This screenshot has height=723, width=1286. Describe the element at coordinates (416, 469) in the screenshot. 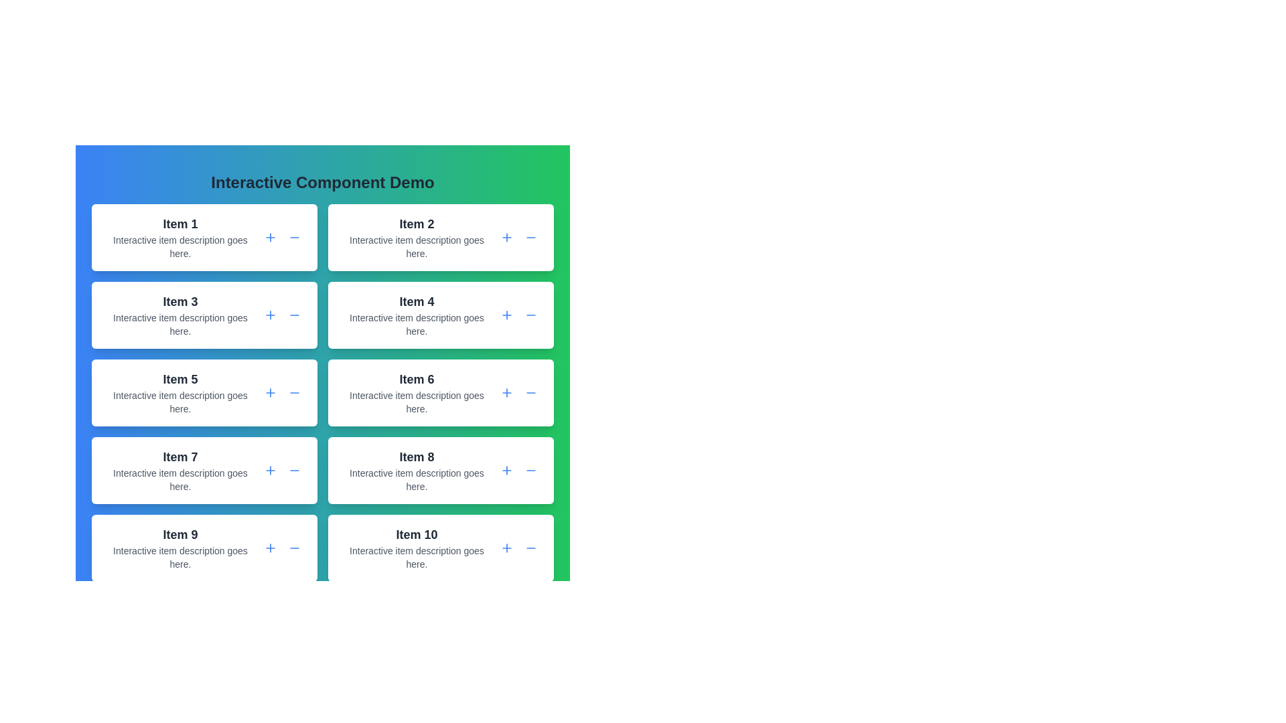

I see `the text block titled 'Item 8' which contains a description below it, positioned in the third row, second column of the grid layout` at that location.